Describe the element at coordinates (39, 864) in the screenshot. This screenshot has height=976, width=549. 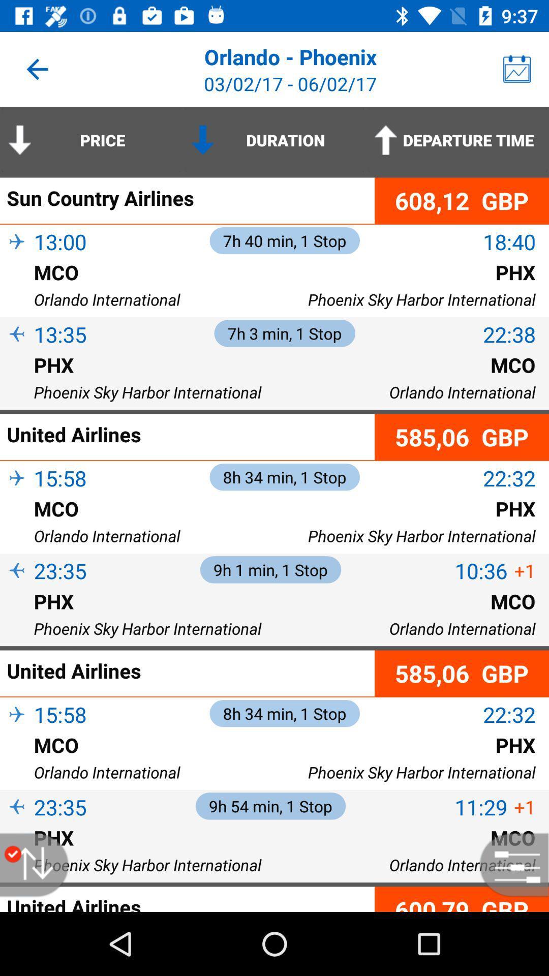
I see `the swap icon` at that location.